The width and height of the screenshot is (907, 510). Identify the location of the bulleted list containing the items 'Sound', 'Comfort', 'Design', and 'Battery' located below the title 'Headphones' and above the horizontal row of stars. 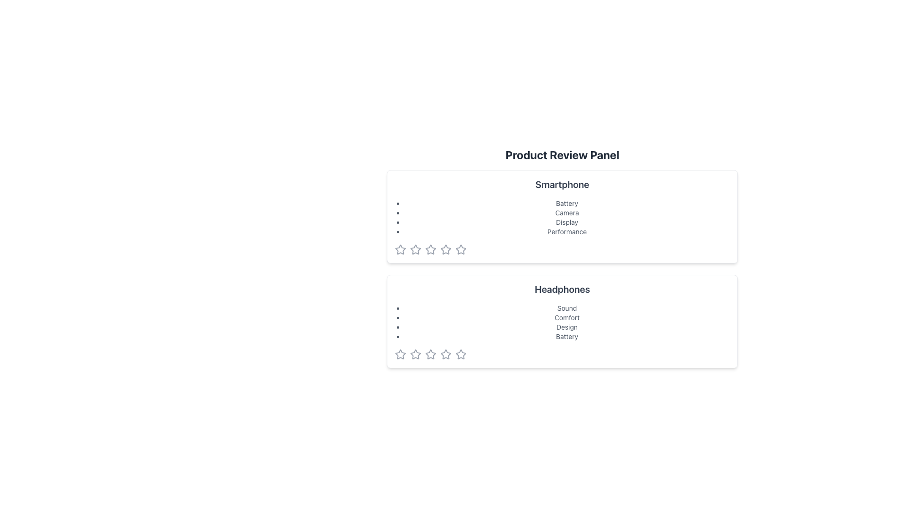
(562, 322).